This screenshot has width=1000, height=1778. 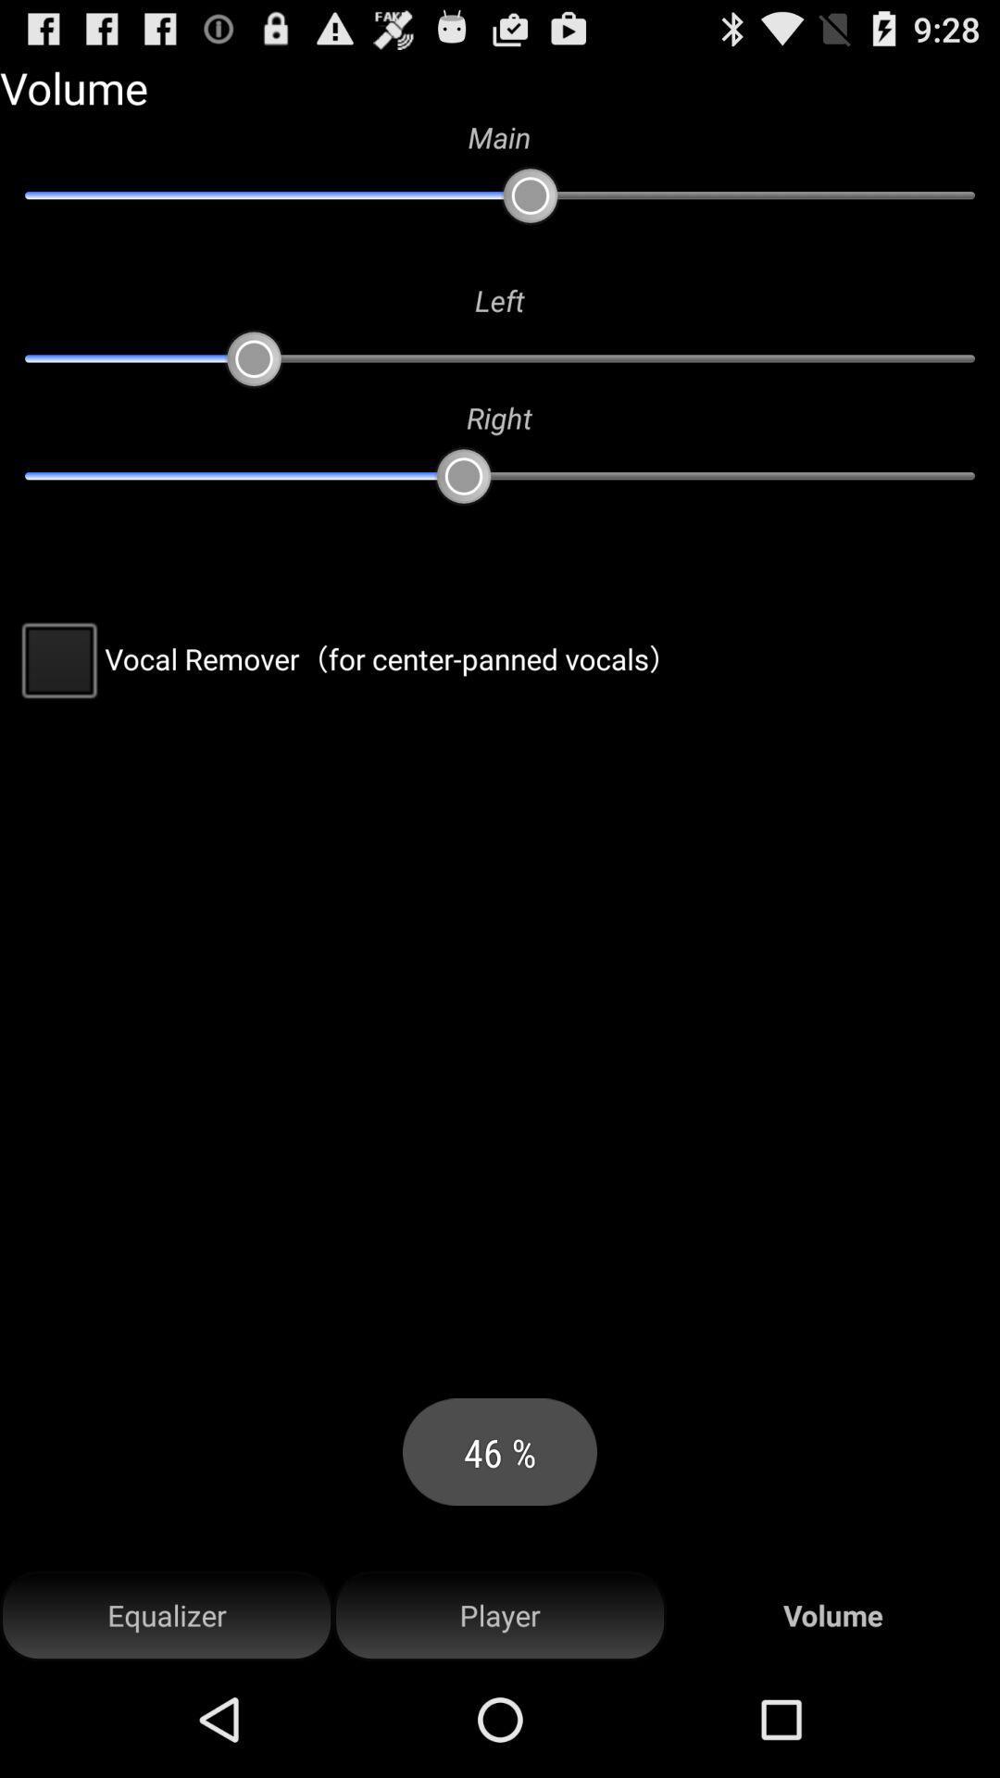 I want to click on the player button, so click(x=500, y=1615).